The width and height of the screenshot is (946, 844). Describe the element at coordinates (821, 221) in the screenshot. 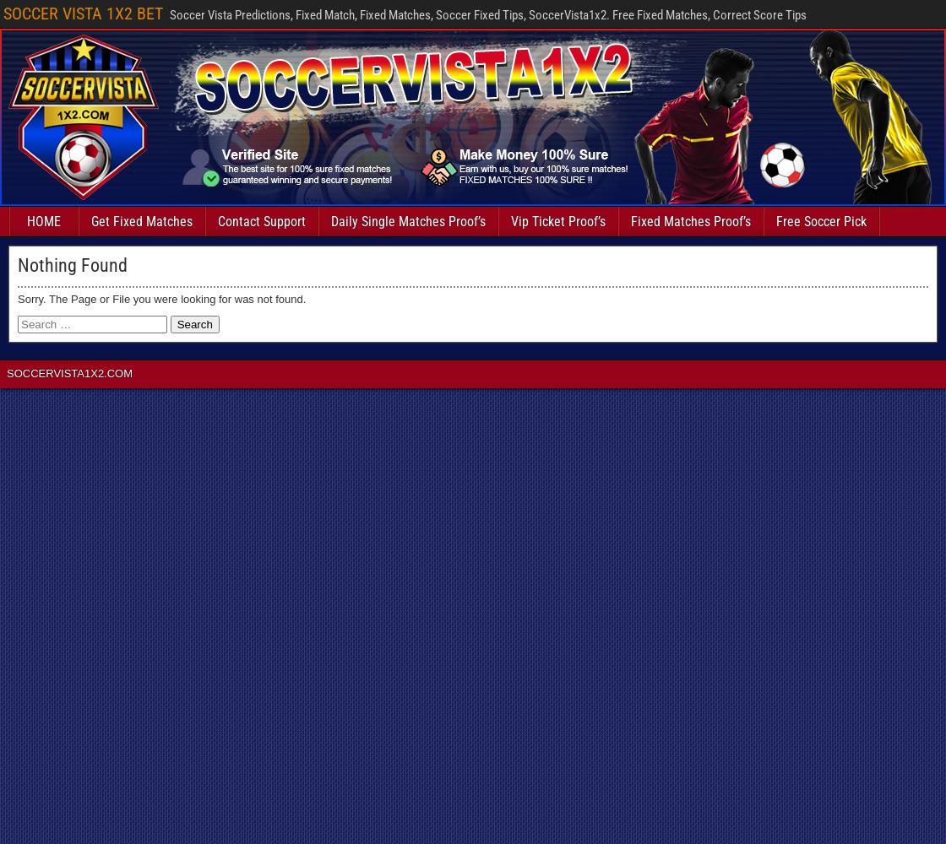

I see `'Free Soccer Pick'` at that location.